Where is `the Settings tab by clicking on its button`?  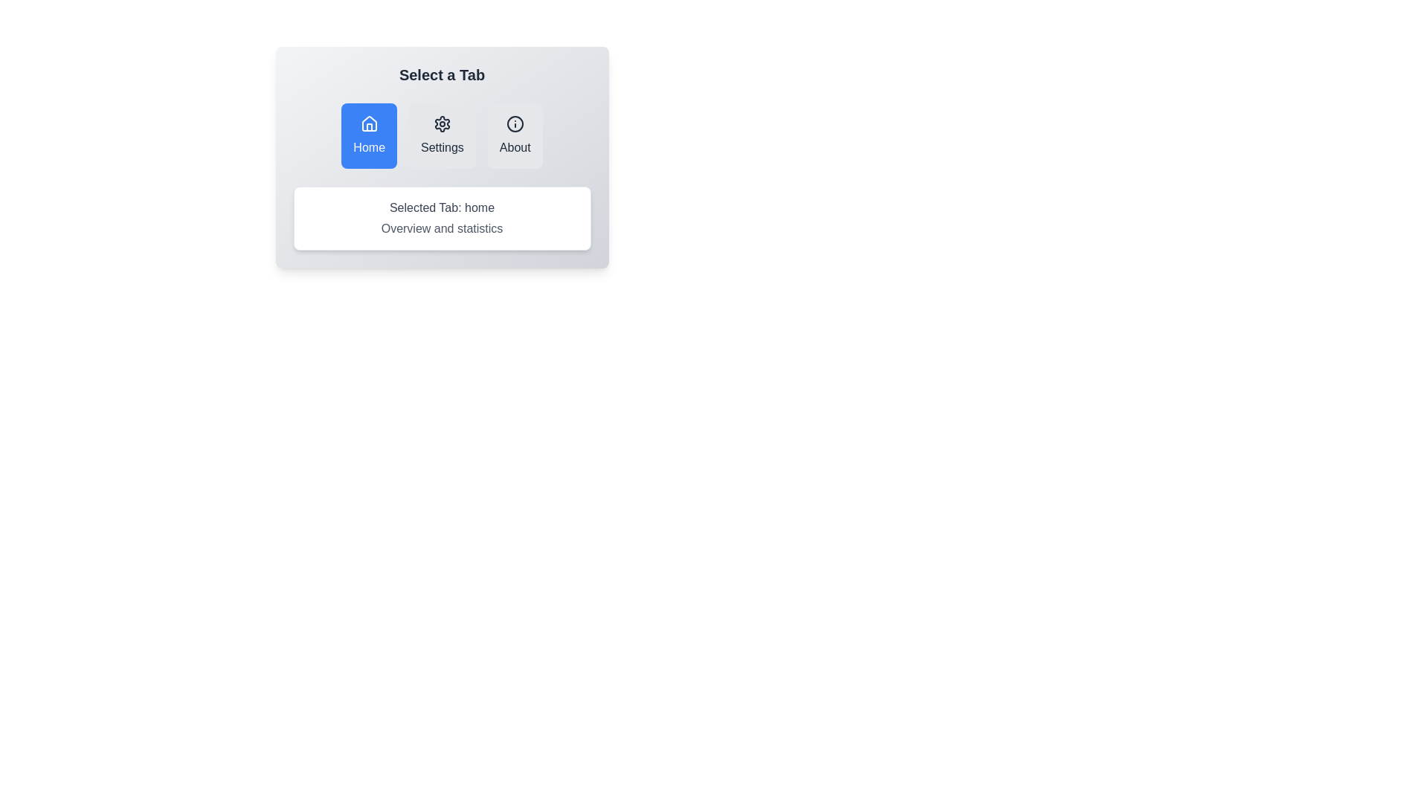 the Settings tab by clicking on its button is located at coordinates (442, 135).